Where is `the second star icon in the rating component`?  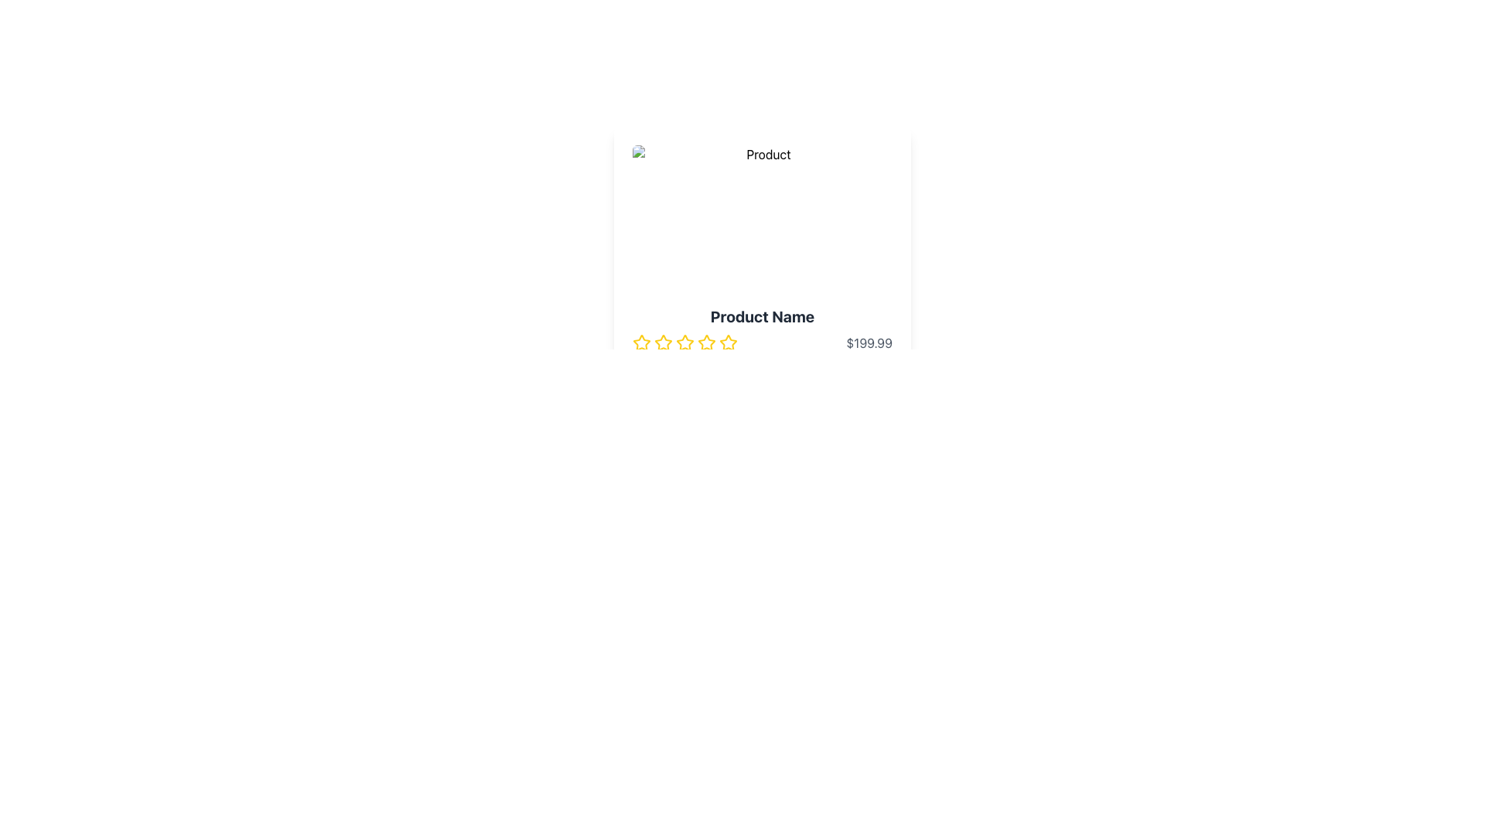
the second star icon in the rating component is located at coordinates (684, 342).